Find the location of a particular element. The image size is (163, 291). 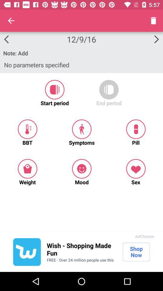

the note: add item is located at coordinates (81, 53).